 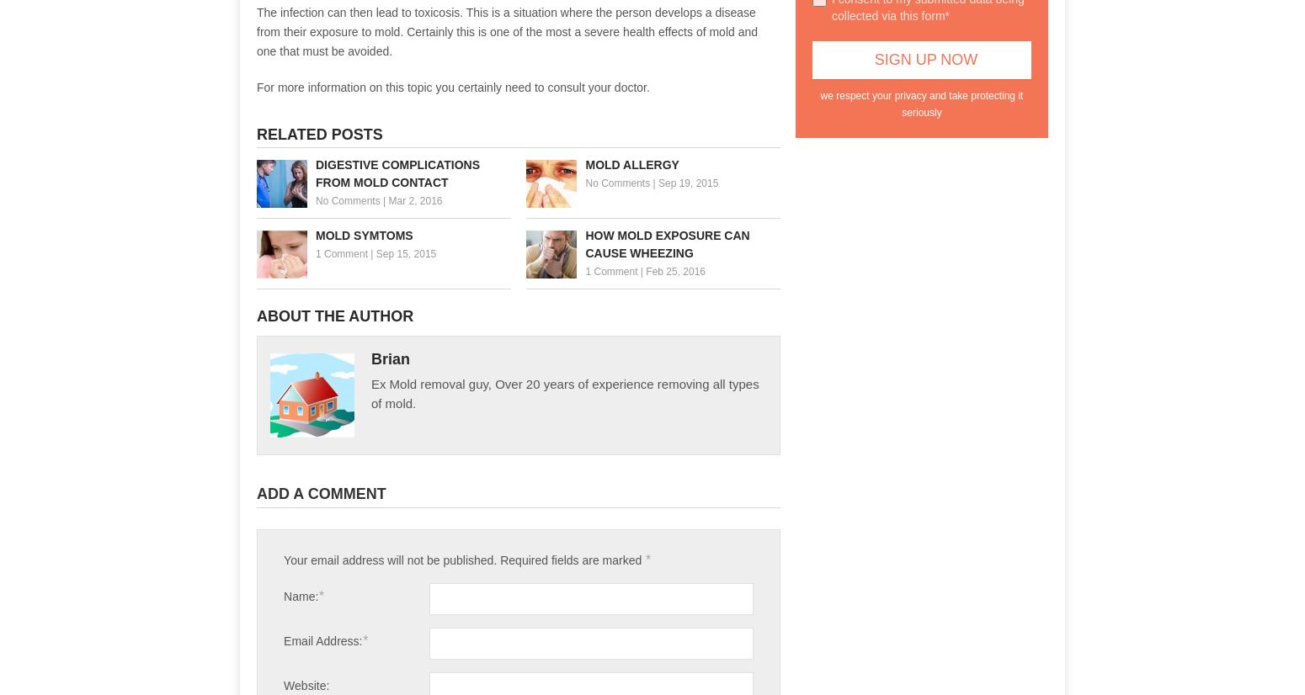 What do you see at coordinates (666, 242) in the screenshot?
I see `'How Mold Exposure can cause Wheezing'` at bounding box center [666, 242].